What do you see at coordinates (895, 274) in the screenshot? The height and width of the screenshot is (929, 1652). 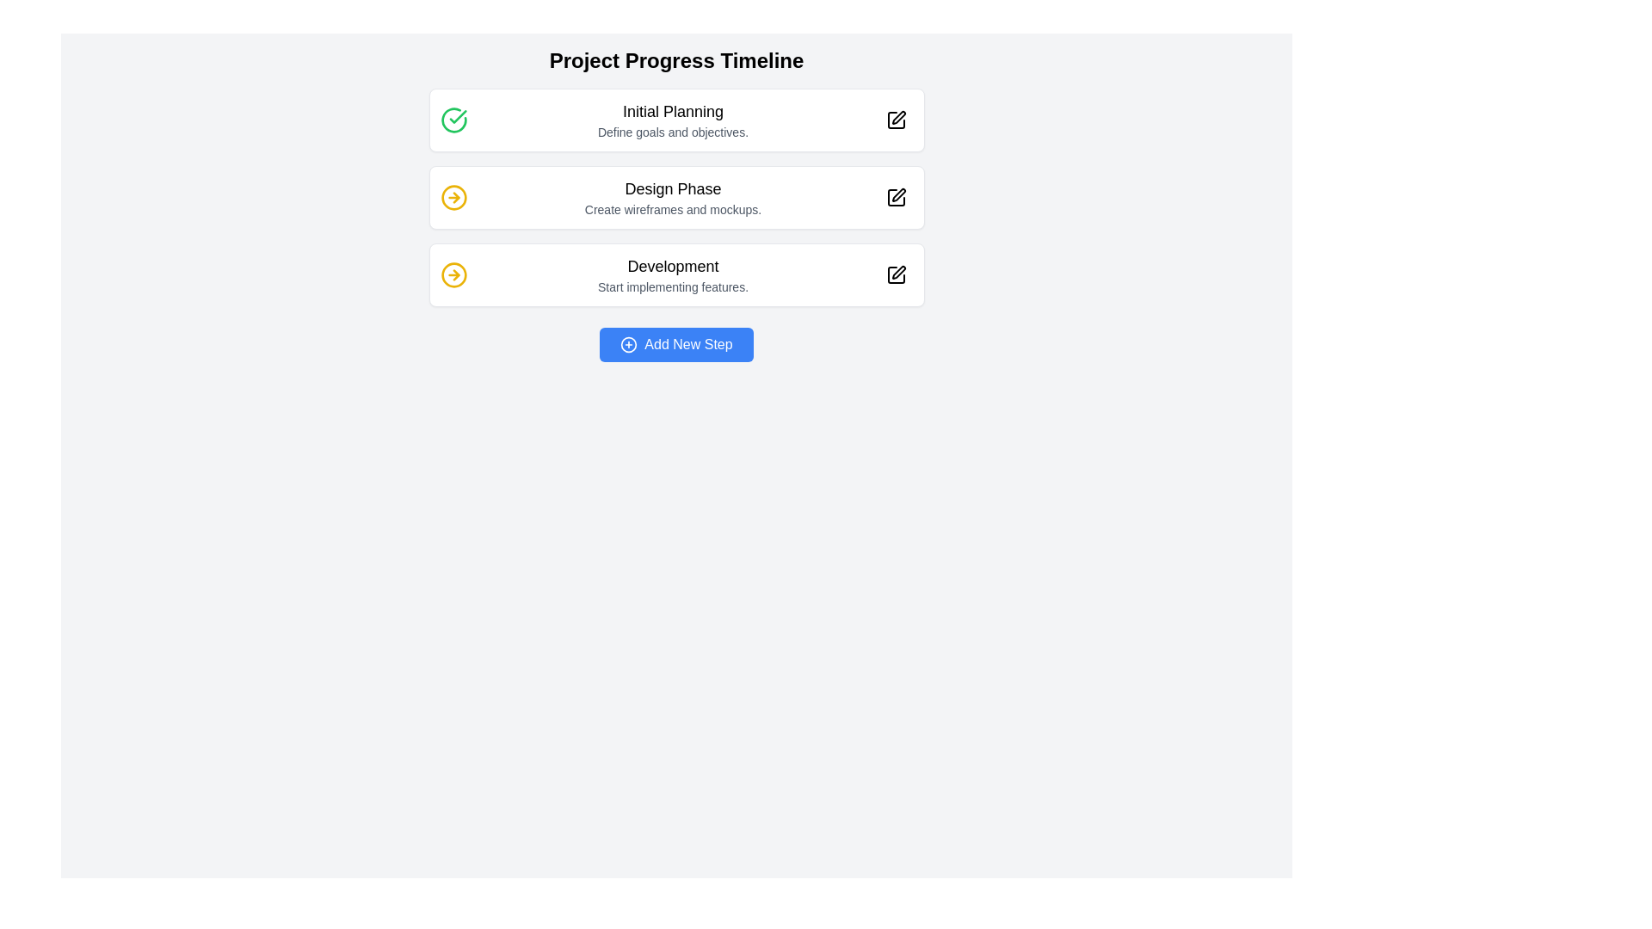 I see `the pencil icon located at the rightmost position in the 'Development' step section` at bounding box center [895, 274].